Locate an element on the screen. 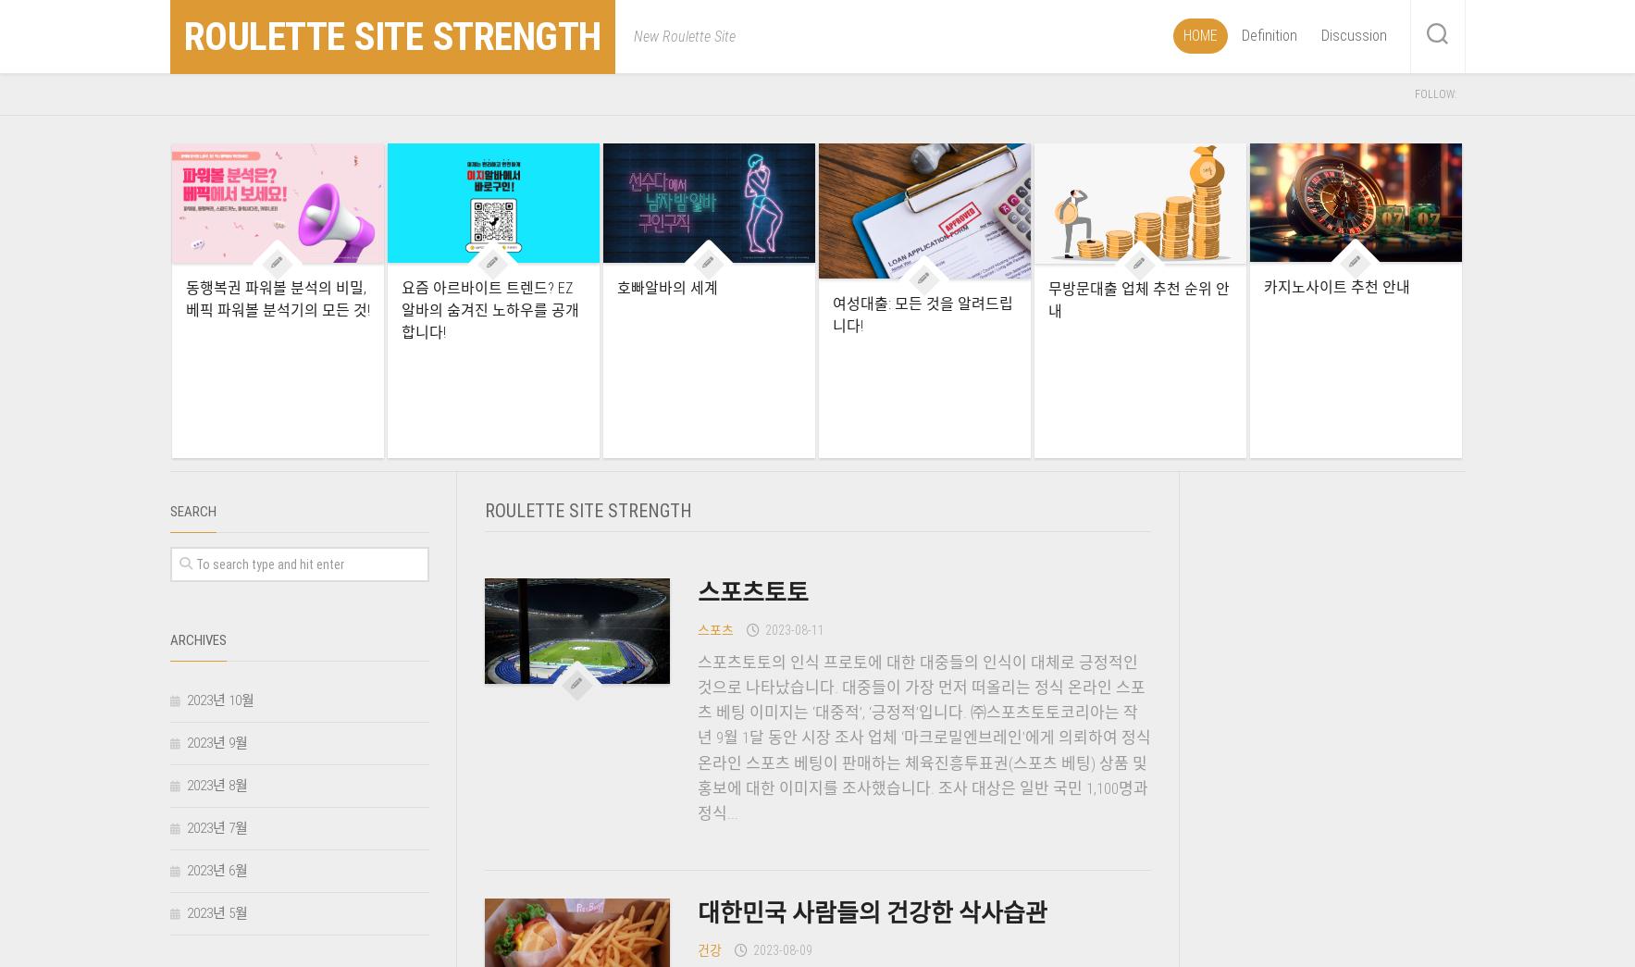  'Search' is located at coordinates (191, 512).